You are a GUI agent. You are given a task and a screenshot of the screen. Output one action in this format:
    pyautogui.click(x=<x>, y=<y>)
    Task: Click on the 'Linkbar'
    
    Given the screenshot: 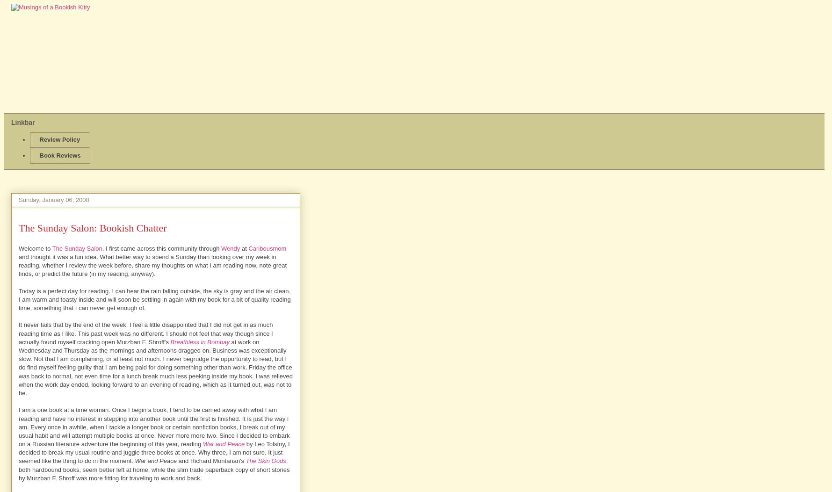 What is the action you would take?
    pyautogui.click(x=11, y=122)
    